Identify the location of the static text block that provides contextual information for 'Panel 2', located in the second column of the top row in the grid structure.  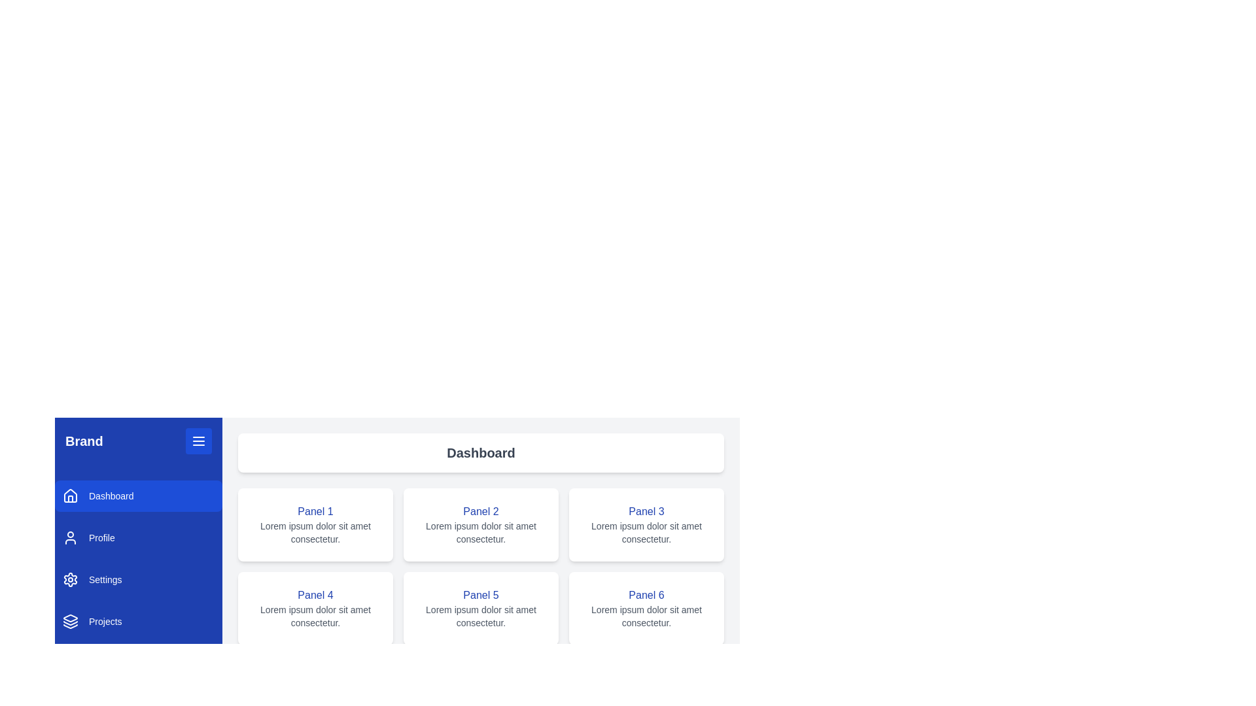
(480, 532).